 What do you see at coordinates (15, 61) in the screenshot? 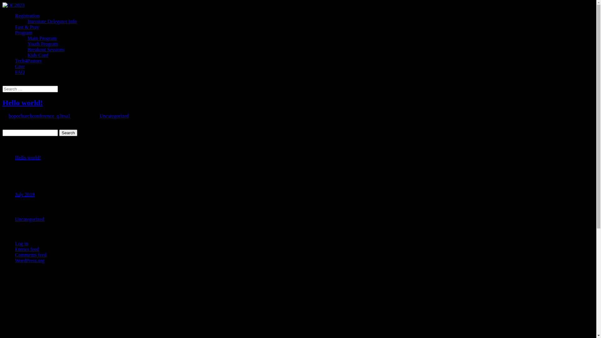
I see `'Tech4Pastors'` at bounding box center [15, 61].